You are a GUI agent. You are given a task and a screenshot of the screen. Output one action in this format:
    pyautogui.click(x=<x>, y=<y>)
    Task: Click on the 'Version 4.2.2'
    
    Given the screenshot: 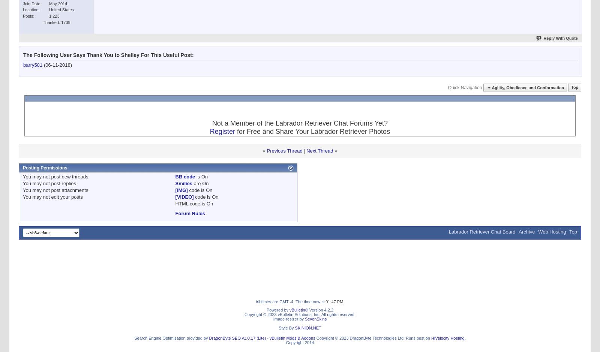 What is the action you would take?
    pyautogui.click(x=320, y=310)
    